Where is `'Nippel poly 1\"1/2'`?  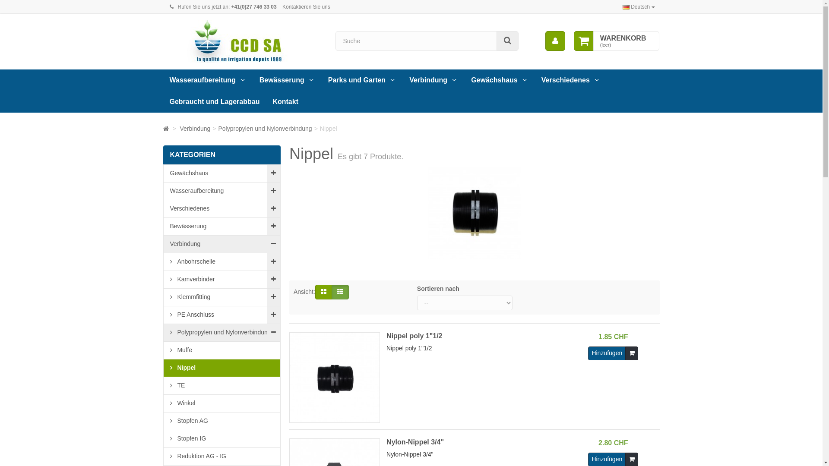 'Nippel poly 1\"1/2' is located at coordinates (334, 377).